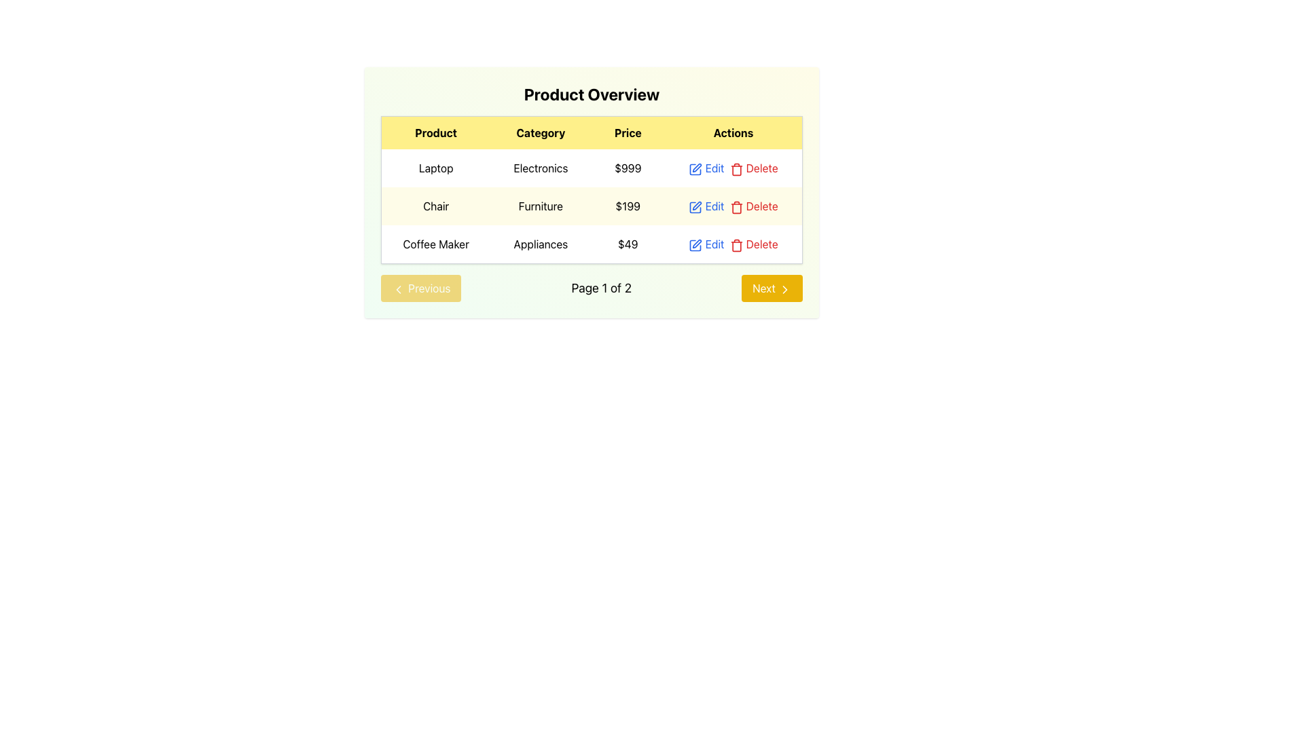 The image size is (1304, 733). I want to click on the Interactive Button with Icon in the Actions column of the table for the Laptop product to underline the text, so click(753, 167).